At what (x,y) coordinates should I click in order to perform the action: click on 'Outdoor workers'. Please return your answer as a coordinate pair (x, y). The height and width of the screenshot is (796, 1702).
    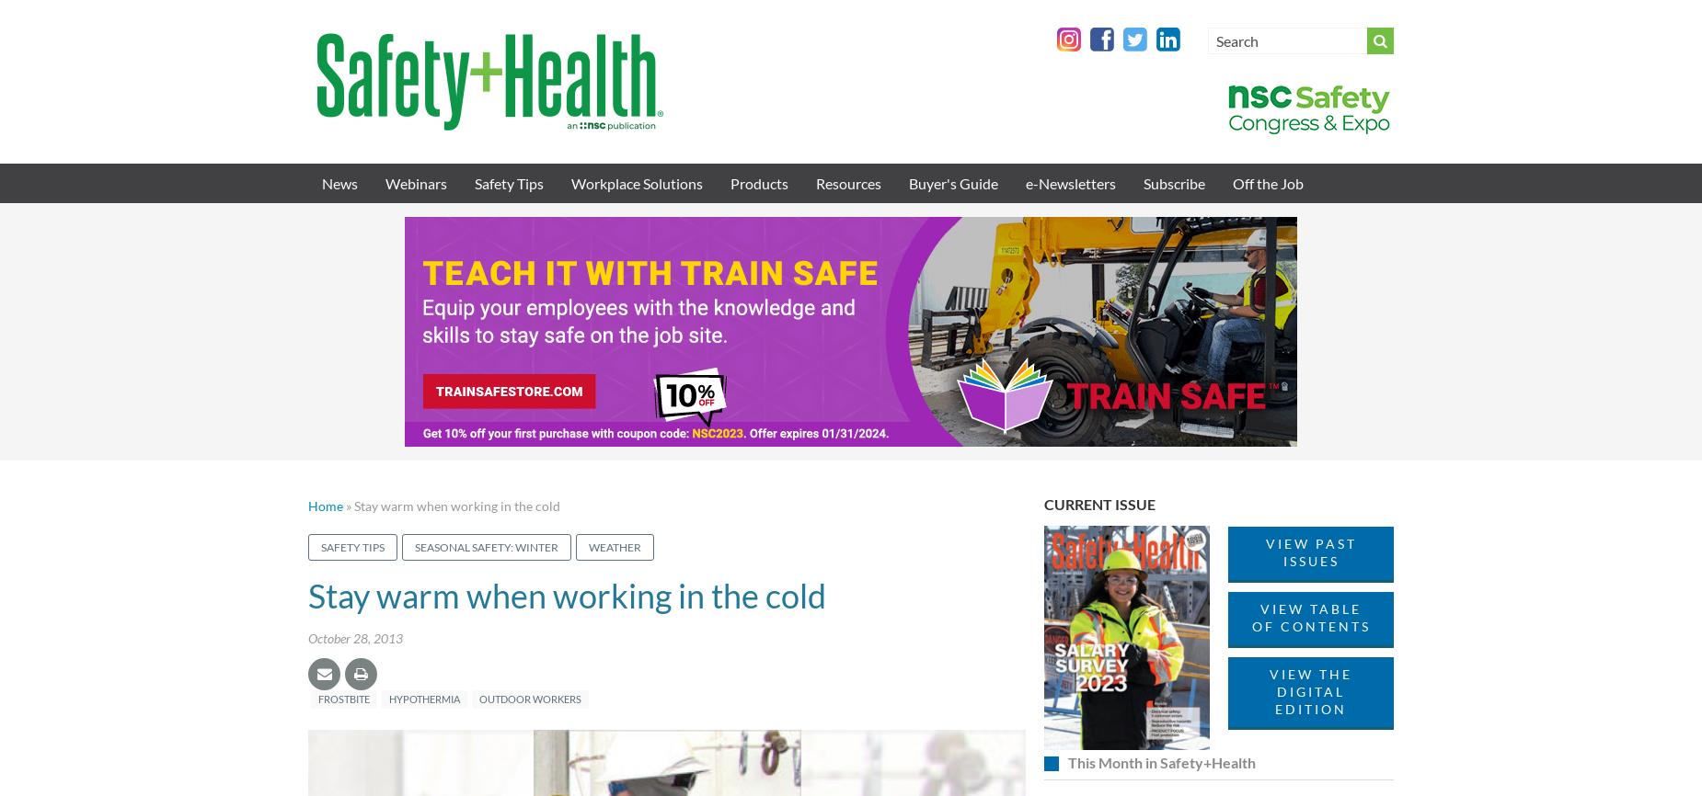
    Looking at the image, I should click on (530, 697).